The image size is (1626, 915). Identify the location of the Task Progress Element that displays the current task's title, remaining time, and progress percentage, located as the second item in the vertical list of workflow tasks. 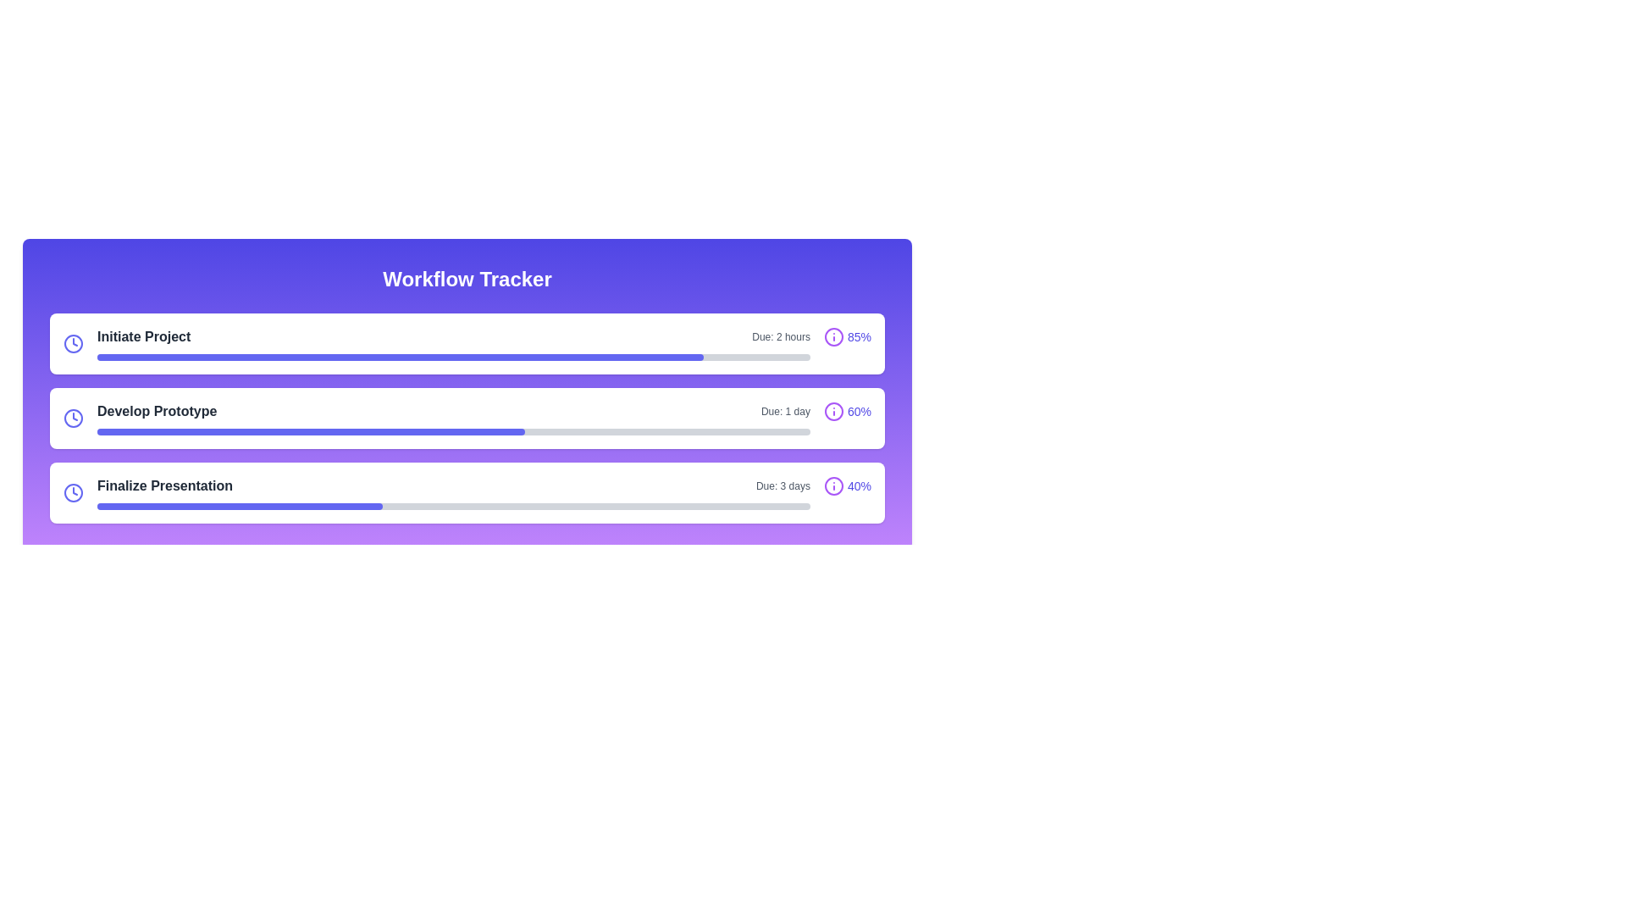
(454, 418).